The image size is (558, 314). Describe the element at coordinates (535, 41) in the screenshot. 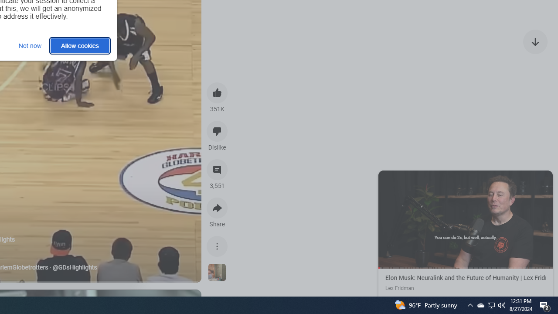

I see `'Next video'` at that location.